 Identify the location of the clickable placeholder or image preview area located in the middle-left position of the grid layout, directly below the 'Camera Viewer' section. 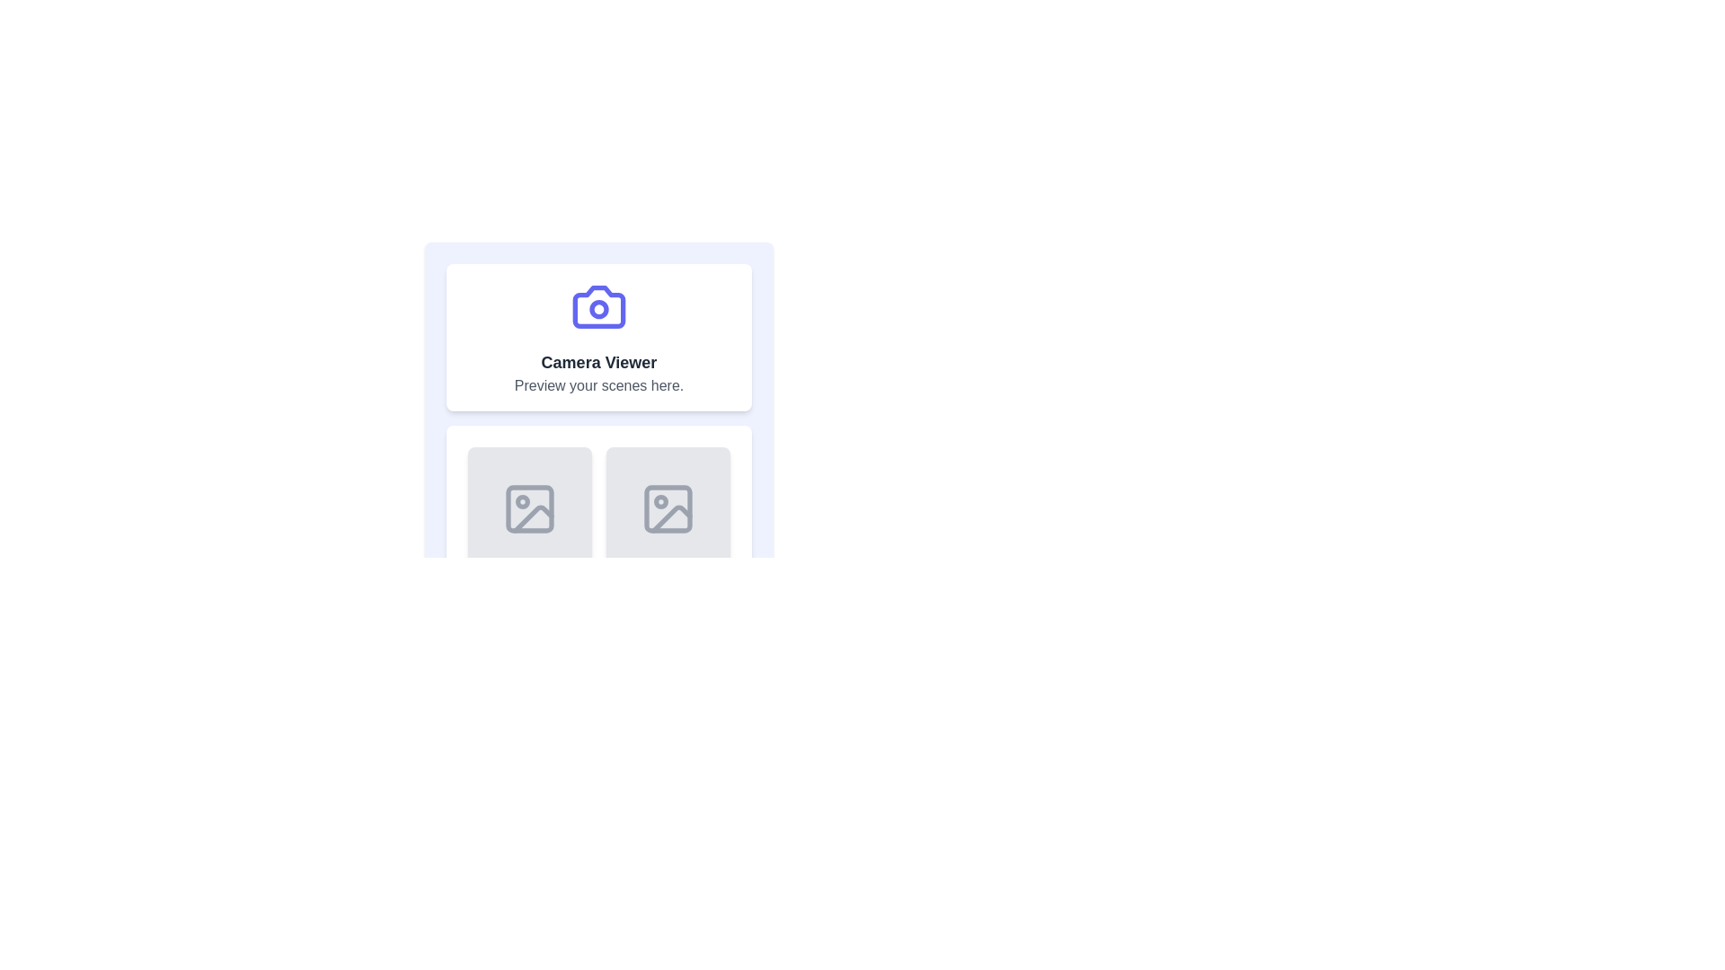
(529, 509).